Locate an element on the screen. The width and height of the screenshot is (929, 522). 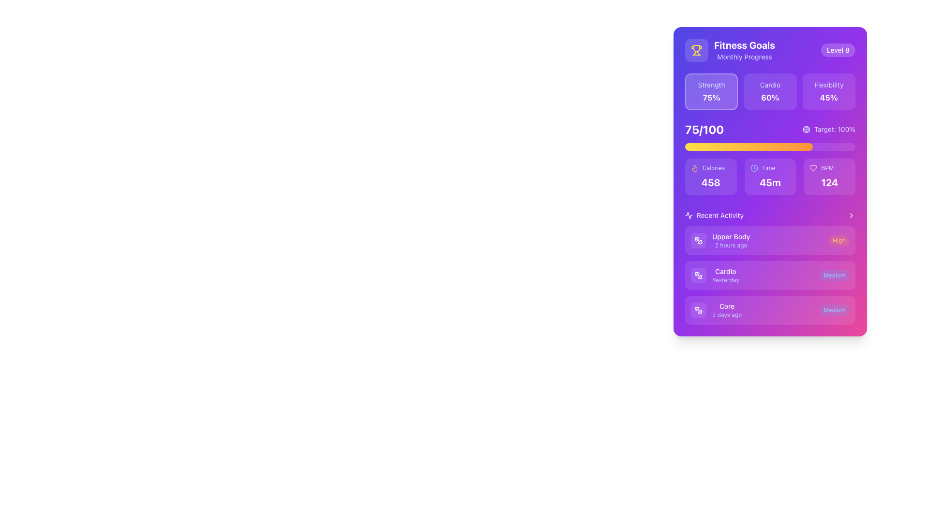
the 'Upper Body' activity icon located in the top-left corner of the 'Upper Body' activity pane within the 'Recent Activity' section for information is located at coordinates (699, 240).